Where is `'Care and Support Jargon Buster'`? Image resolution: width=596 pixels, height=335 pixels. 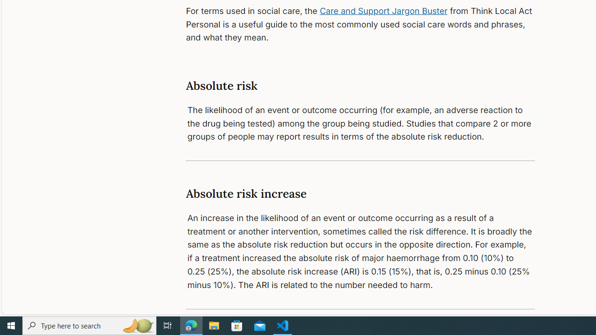 'Care and Support Jargon Buster' is located at coordinates (384, 11).